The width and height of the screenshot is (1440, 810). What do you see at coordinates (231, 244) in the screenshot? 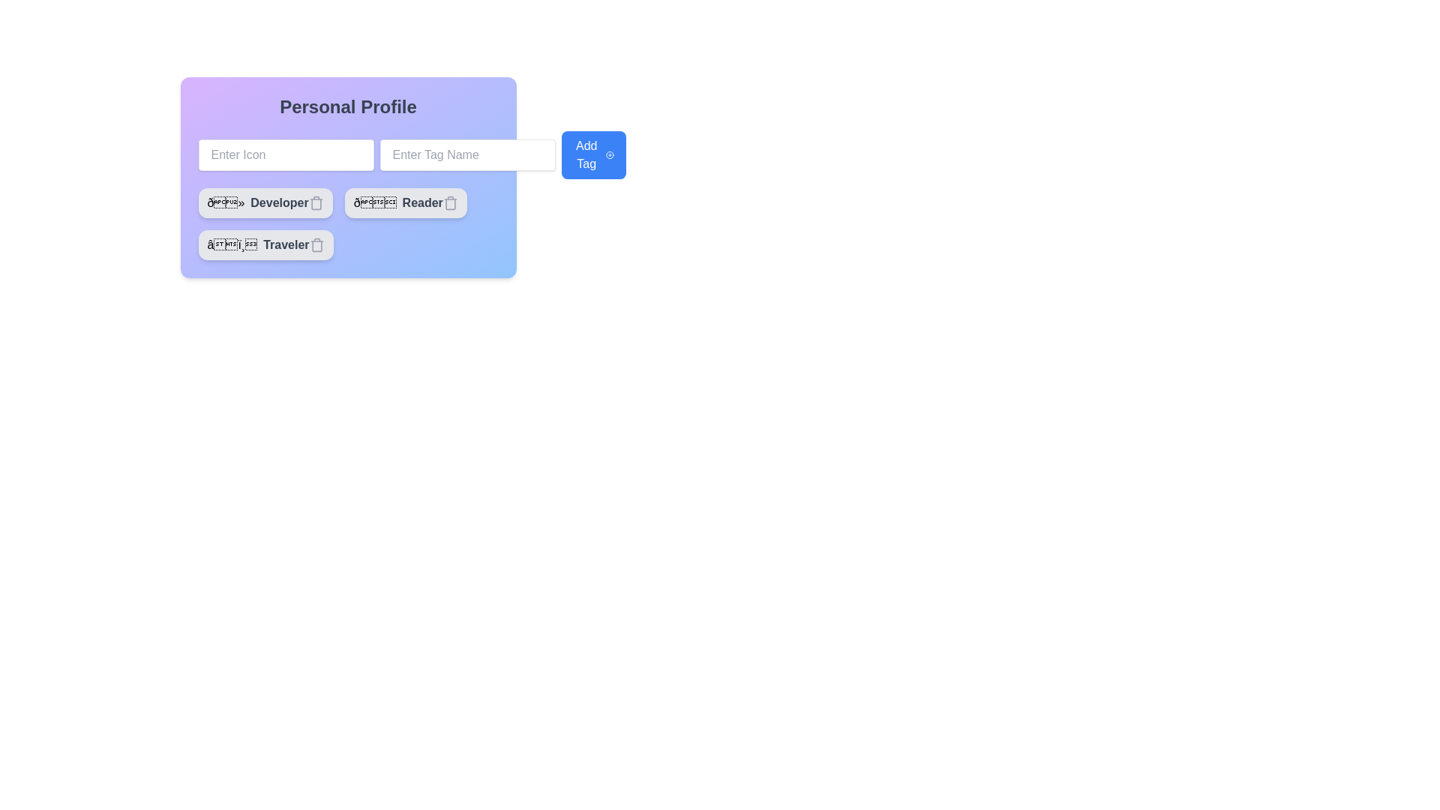
I see `the decorative icon representing the label 'Traveler', which is located to the left of the text label within a rounded button-like component` at bounding box center [231, 244].